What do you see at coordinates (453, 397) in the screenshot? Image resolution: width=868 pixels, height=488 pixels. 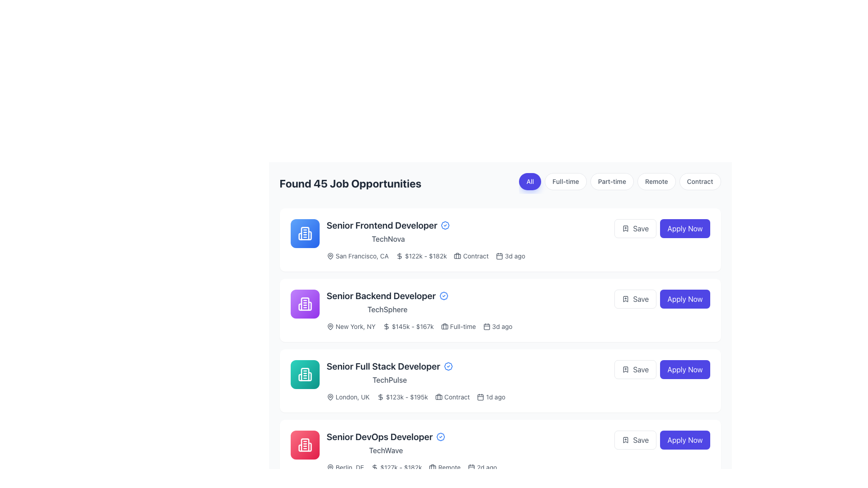 I see `the Label with Icon indicating a contract position for the Senior Full Stack Developer job listing at TechPulse, which is located between the salary range and the posting date` at bounding box center [453, 397].